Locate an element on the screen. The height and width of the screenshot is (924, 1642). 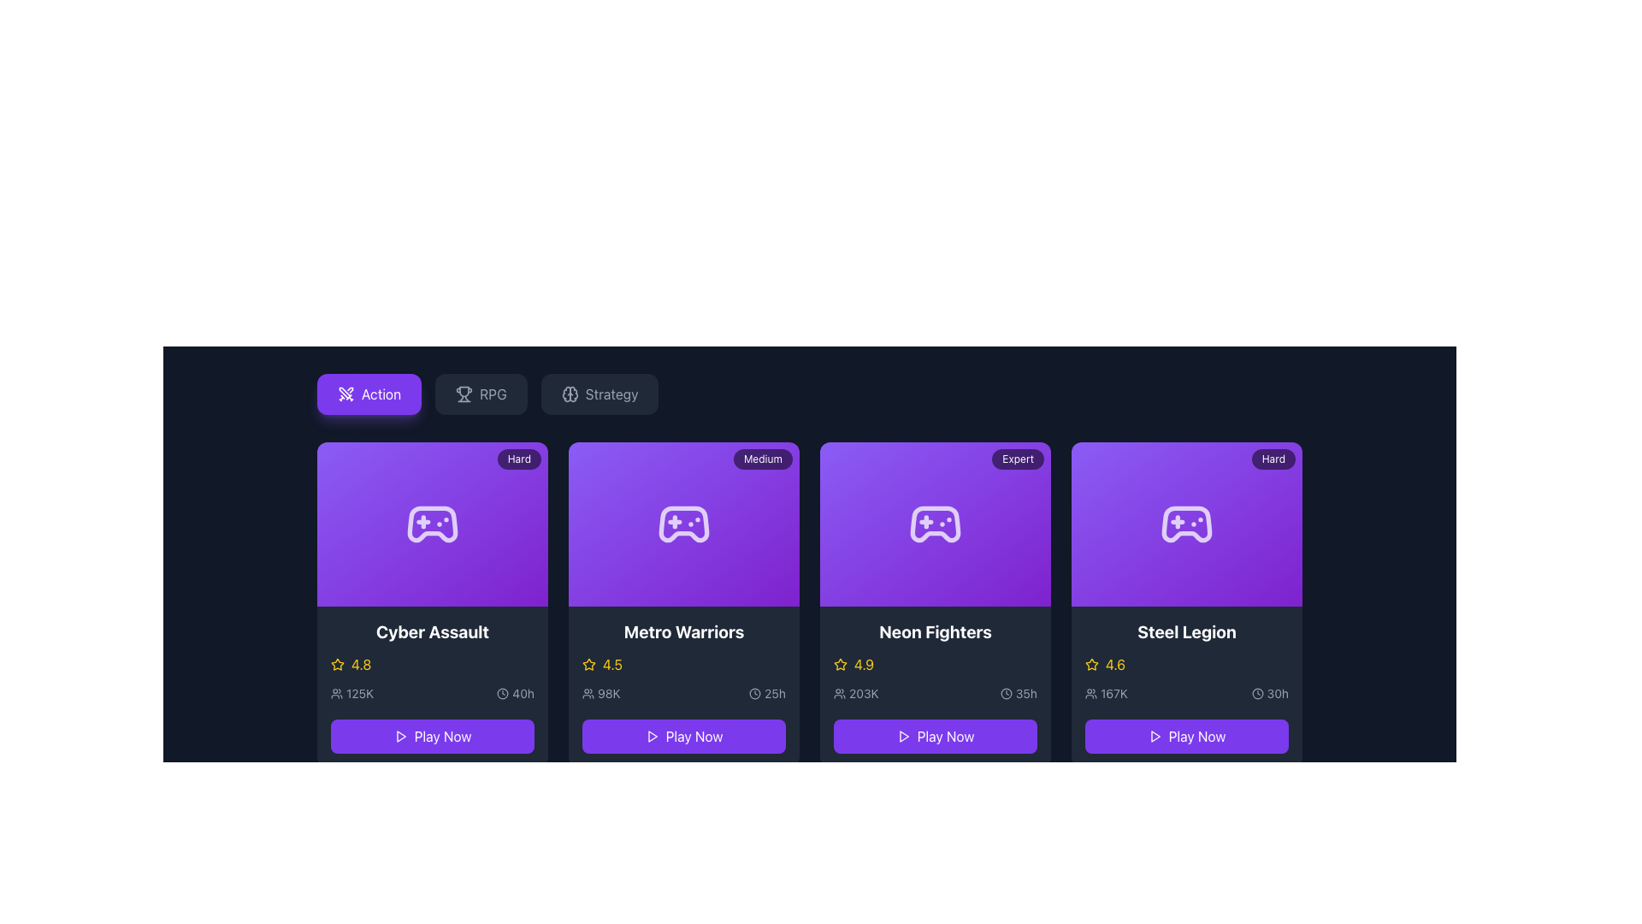
the star-shaped icon with a thin yellow border that represents a rating of 4.8, located above the text 'Cyber Assault' is located at coordinates (337, 663).